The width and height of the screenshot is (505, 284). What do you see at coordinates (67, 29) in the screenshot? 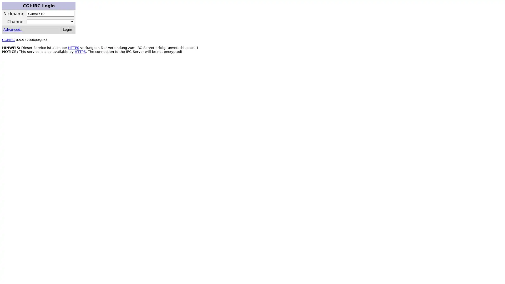
I see `Login` at bounding box center [67, 29].